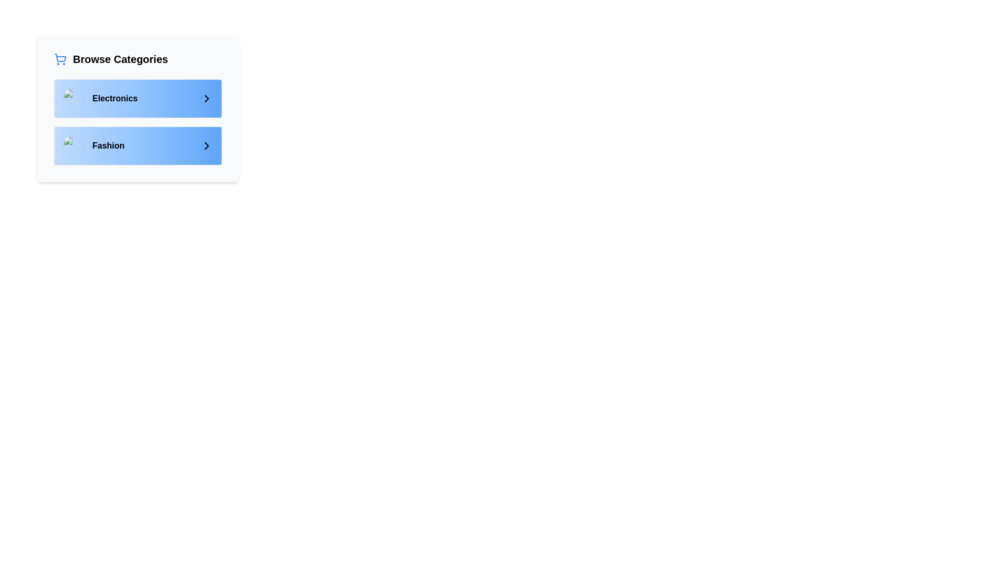 This screenshot has width=1008, height=567. What do you see at coordinates (60, 59) in the screenshot?
I see `the shopping cart icon located to the left of the 'Browse Categories' text` at bounding box center [60, 59].